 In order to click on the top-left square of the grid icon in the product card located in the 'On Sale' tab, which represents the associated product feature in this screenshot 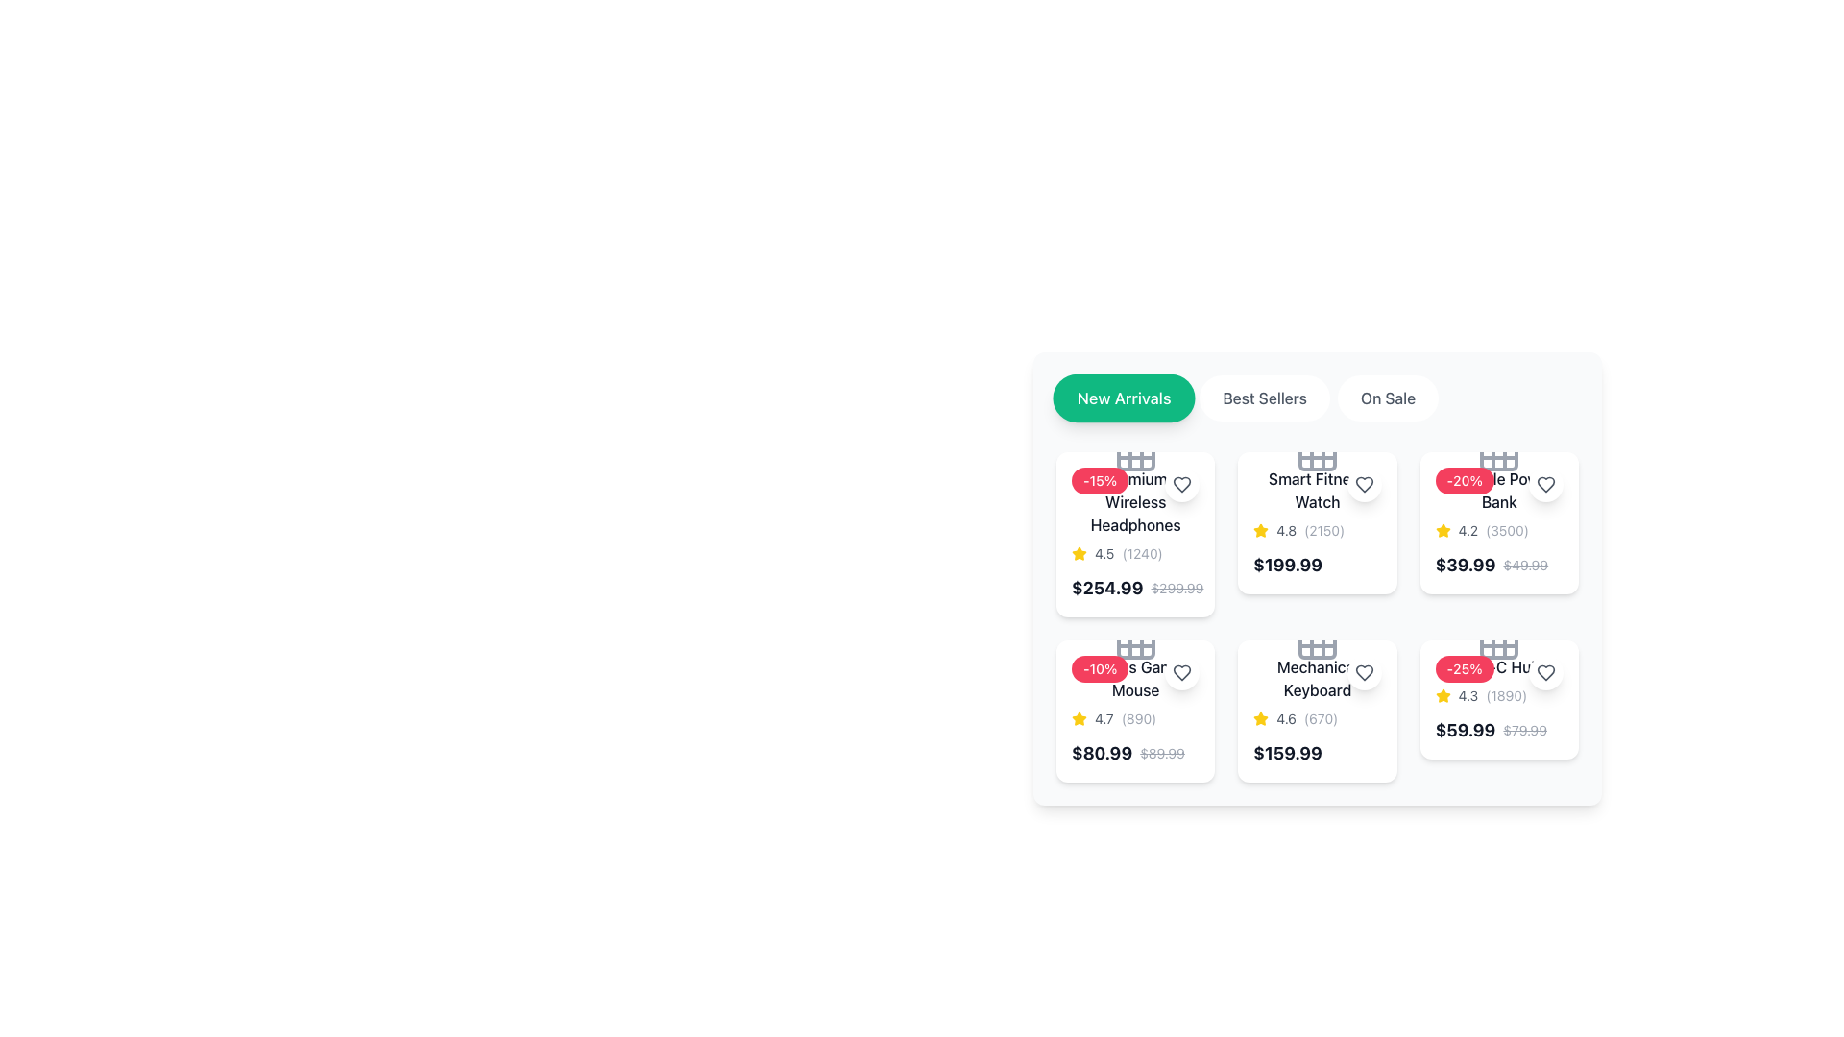, I will do `click(1498, 640)`.